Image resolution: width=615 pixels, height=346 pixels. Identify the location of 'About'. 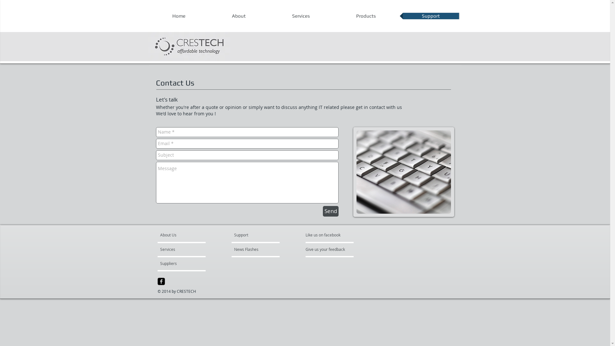
(238, 16).